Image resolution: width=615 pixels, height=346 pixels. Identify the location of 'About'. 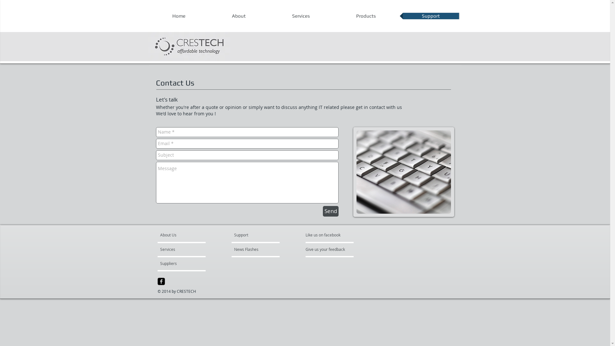
(238, 16).